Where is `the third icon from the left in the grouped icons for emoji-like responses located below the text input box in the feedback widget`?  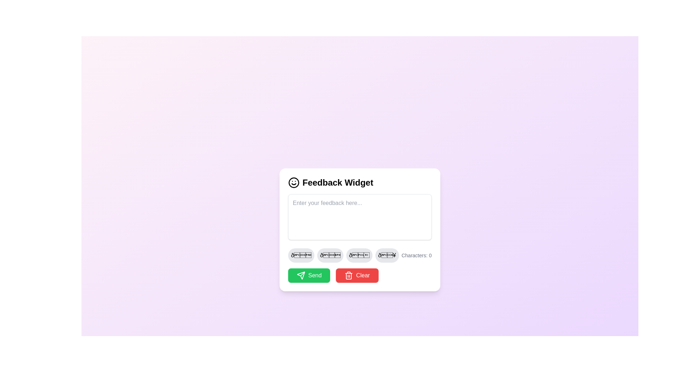 the third icon from the left in the grouped icons for emoji-like responses located below the text input box in the feedback widget is located at coordinates (360, 255).